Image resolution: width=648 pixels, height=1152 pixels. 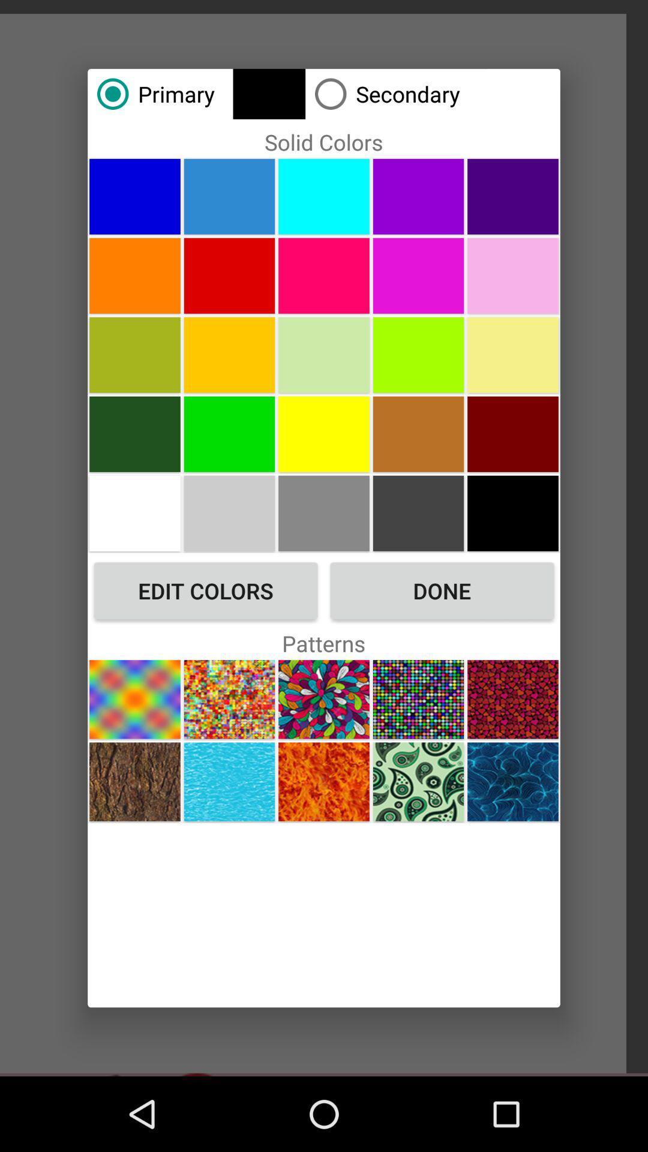 What do you see at coordinates (324, 354) in the screenshot?
I see `solid color` at bounding box center [324, 354].